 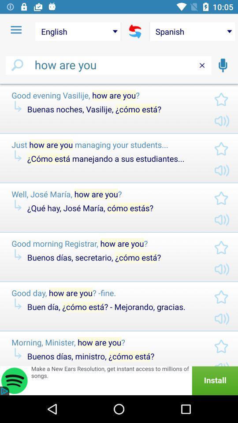 What do you see at coordinates (222, 65) in the screenshot?
I see `the microphone icon` at bounding box center [222, 65].